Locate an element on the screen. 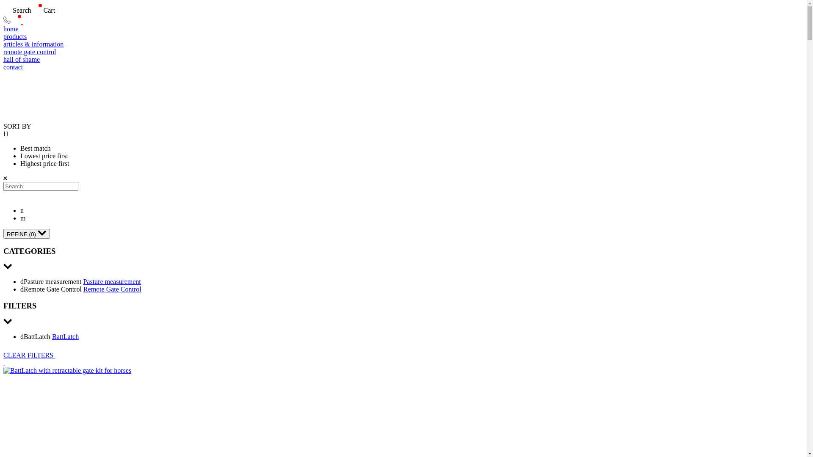 The width and height of the screenshot is (813, 457). 'Search' is located at coordinates (3, 10).